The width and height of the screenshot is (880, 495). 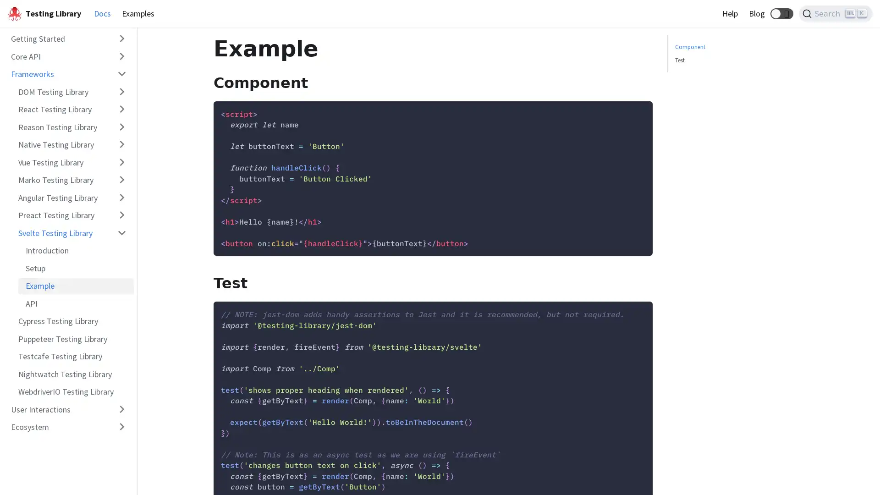 What do you see at coordinates (638, 312) in the screenshot?
I see `Copy code to clipboard` at bounding box center [638, 312].